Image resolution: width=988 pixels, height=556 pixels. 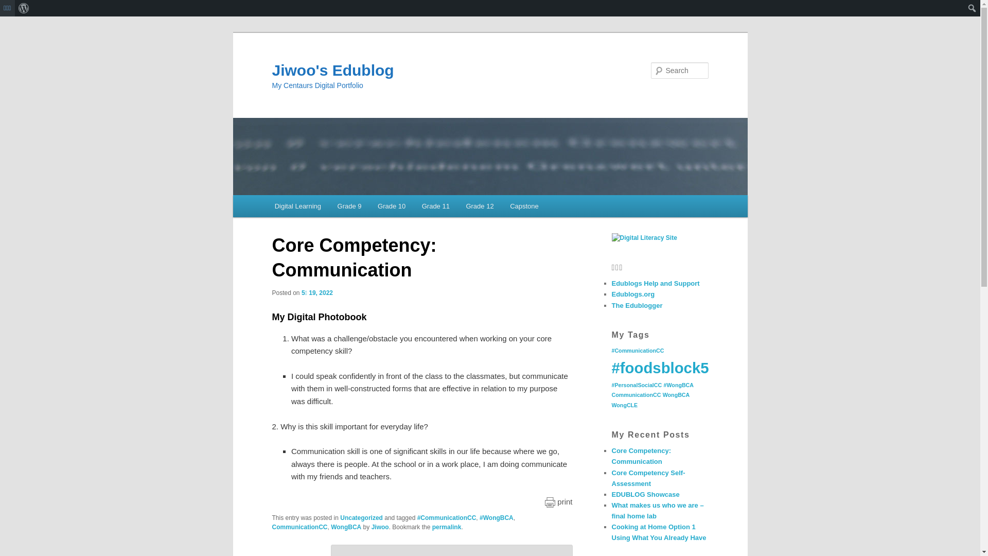 I want to click on 'Edublogs.org', so click(x=632, y=294).